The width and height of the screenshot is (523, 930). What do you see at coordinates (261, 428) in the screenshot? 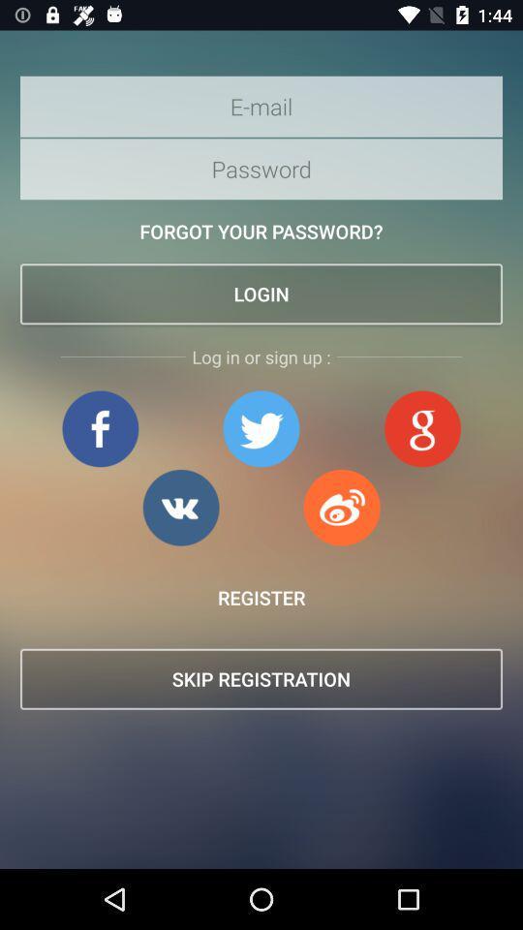
I see `open twitter` at bounding box center [261, 428].